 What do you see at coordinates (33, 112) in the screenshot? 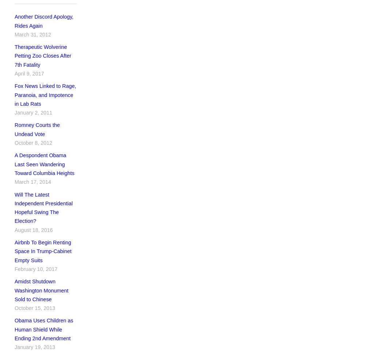
I see `'January 2, 2011'` at bounding box center [33, 112].